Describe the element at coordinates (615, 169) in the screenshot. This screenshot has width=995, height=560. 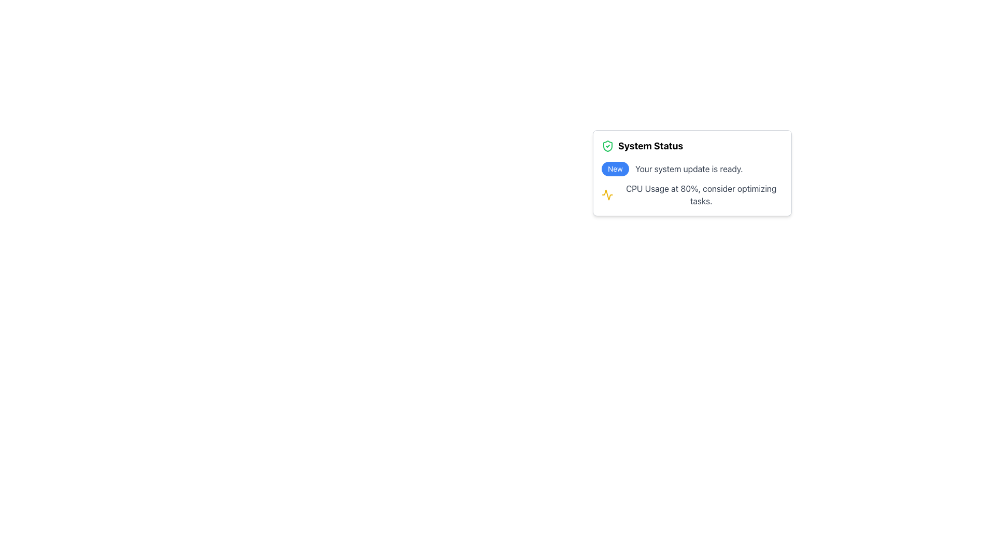
I see `the blue rounded rectangular badge that displays the text 'New', located on the left side of the message 'Your system update is ready.'` at that location.